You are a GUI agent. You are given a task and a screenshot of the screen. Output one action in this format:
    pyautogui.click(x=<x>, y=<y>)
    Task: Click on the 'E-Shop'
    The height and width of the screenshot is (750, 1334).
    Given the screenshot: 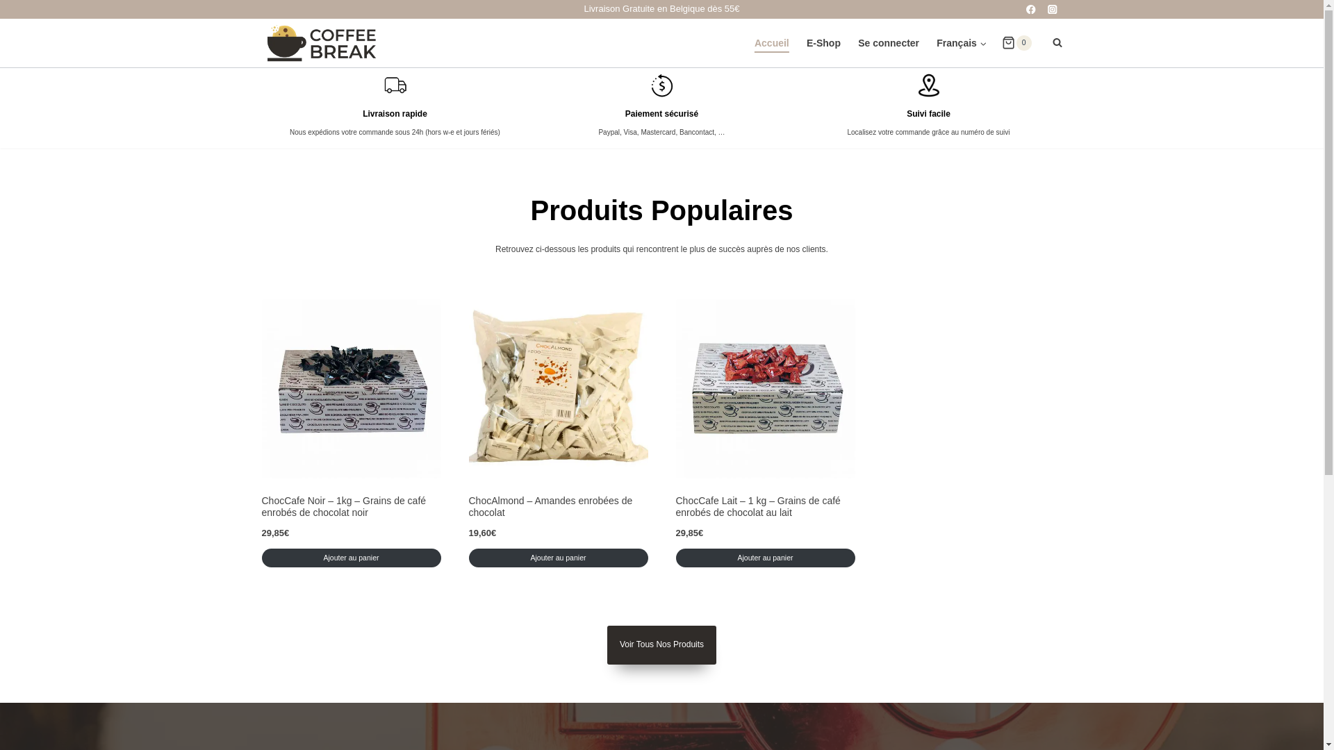 What is the action you would take?
    pyautogui.click(x=823, y=42)
    